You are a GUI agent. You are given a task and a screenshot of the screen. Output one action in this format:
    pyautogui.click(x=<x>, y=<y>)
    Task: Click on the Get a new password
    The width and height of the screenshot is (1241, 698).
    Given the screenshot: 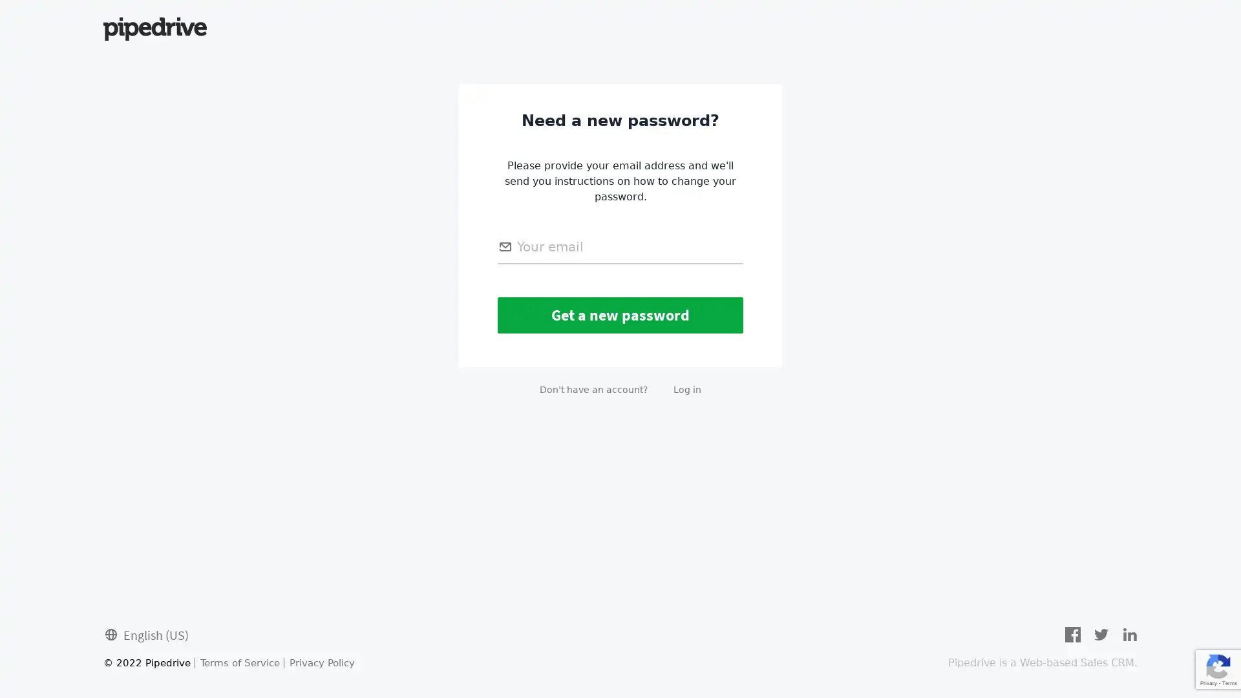 What is the action you would take?
    pyautogui.click(x=620, y=315)
    